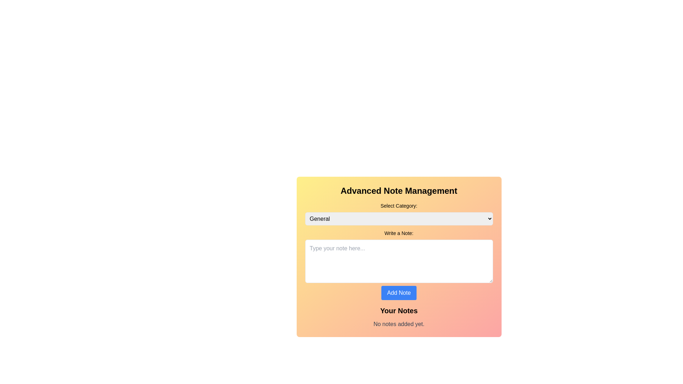 This screenshot has width=683, height=384. Describe the element at coordinates (399, 324) in the screenshot. I see `the static text displaying 'No notes added yet.' which is located at the bottom of the section below the heading 'Your Notes.'` at that location.